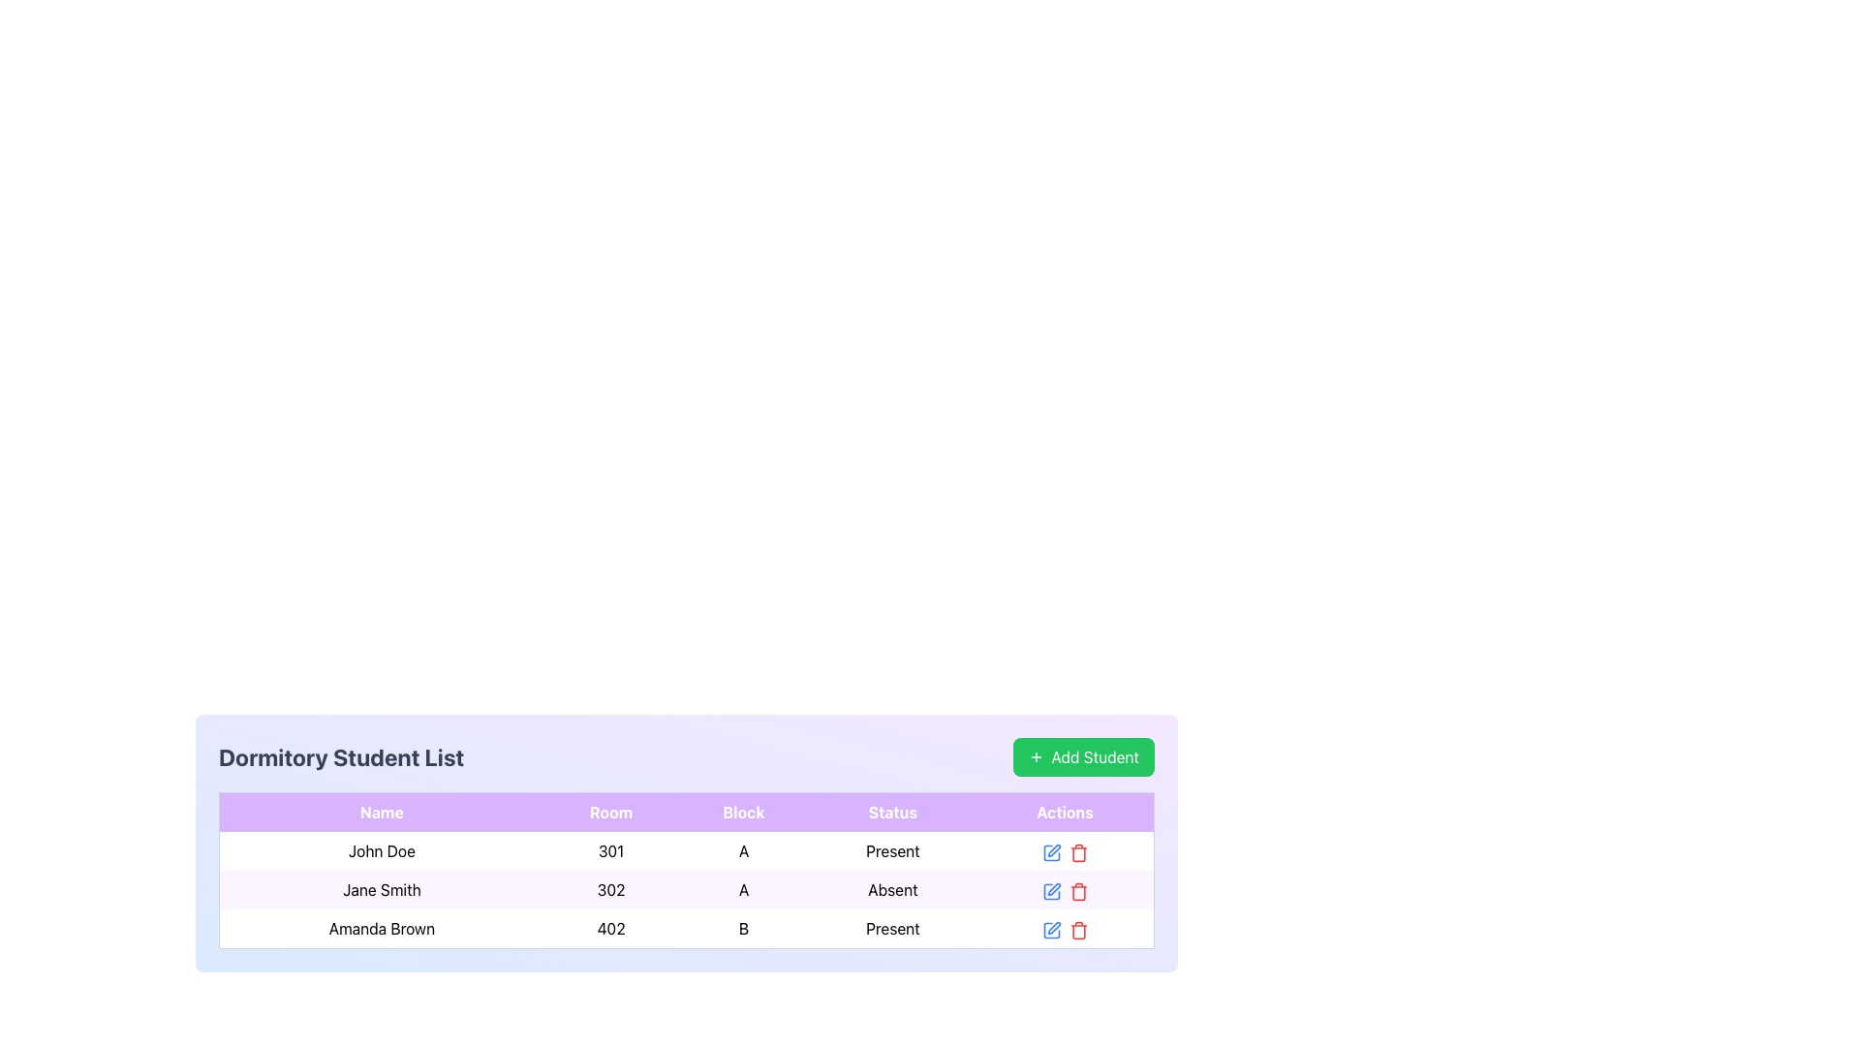  Describe the element at coordinates (1077, 928) in the screenshot. I see `the red trash can icon button located in the 'Actions' column of the table for the row of 'Amanda Brown'` at that location.